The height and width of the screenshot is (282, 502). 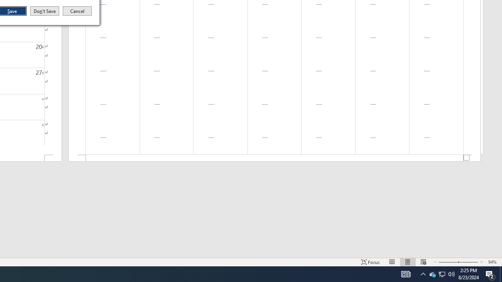 I want to click on 'Focus ', so click(x=370, y=262).